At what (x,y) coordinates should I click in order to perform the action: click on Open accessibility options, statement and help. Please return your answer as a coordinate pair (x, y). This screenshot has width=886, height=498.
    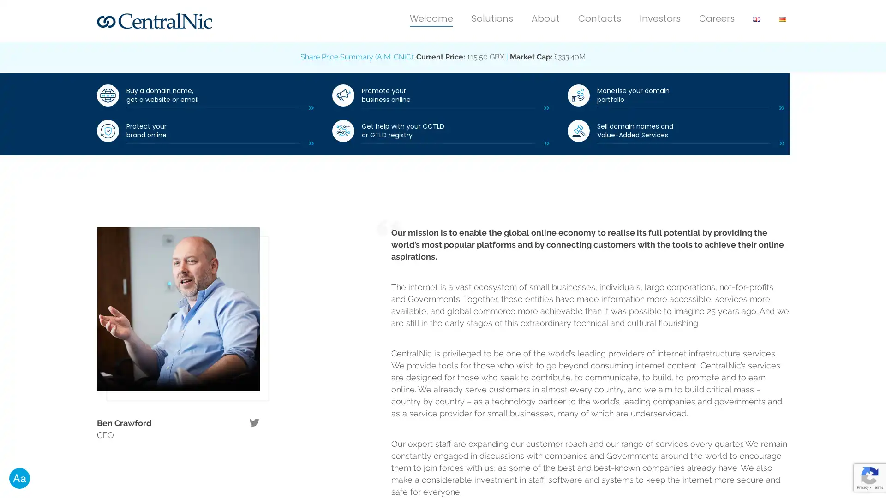
    Looking at the image, I should click on (19, 478).